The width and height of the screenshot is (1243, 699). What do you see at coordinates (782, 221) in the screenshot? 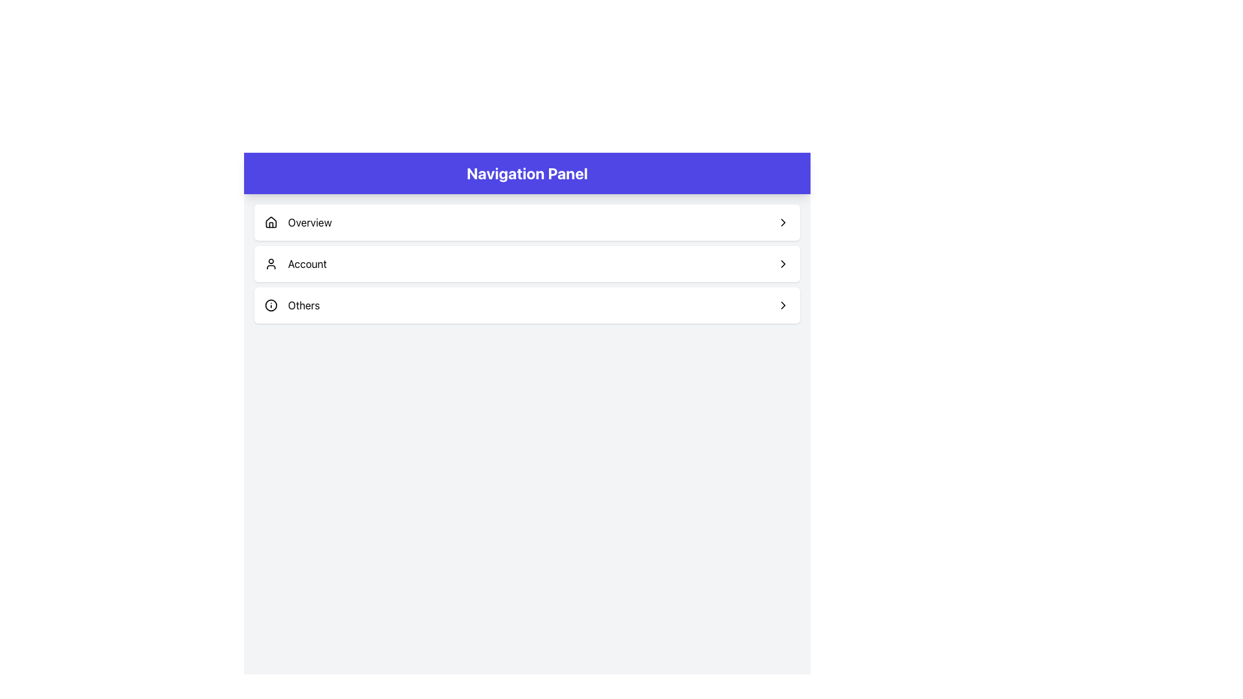
I see `the right-facing chevron arrow in the first row of the navigation list, which is styled as a vector graphic and located at the far right side of the row next to the 'Overview' text` at bounding box center [782, 221].